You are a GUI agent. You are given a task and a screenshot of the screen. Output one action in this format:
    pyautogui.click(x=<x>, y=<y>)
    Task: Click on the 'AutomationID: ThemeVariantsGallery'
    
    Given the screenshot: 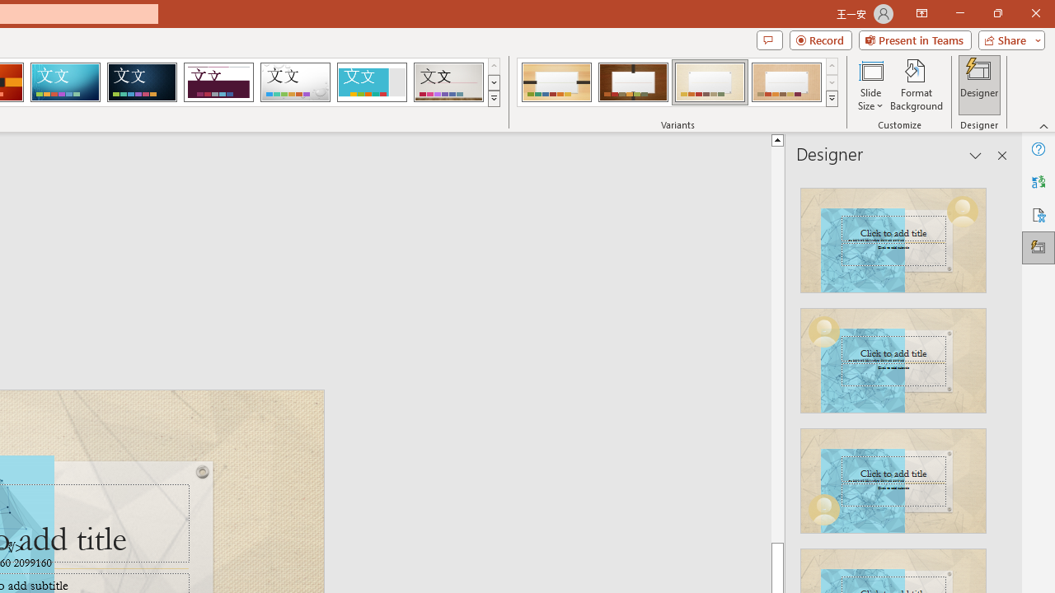 What is the action you would take?
    pyautogui.click(x=678, y=82)
    